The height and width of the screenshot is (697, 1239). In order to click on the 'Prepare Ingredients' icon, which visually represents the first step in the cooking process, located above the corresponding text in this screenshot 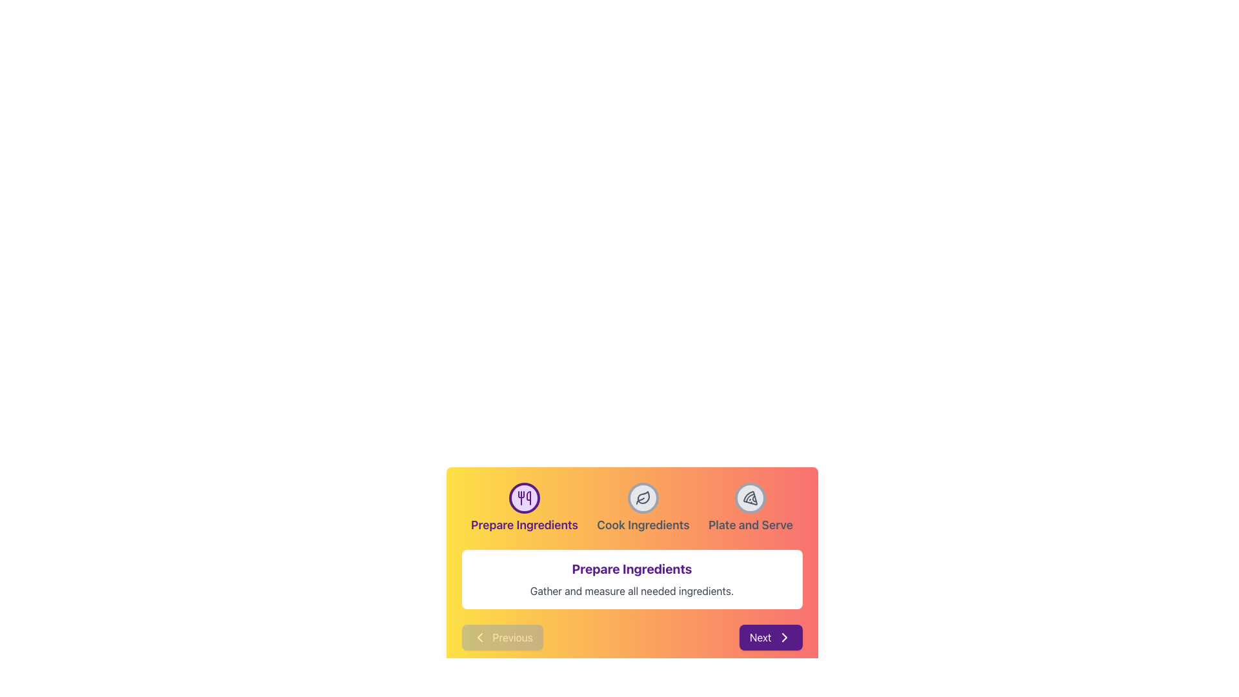, I will do `click(525, 497)`.